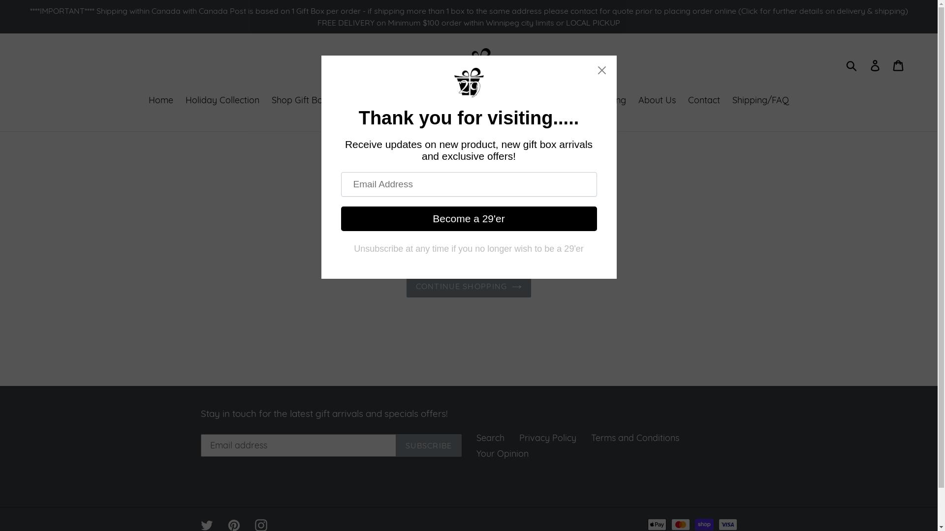 The image size is (945, 531). I want to click on 'Corporate Gifting', so click(549, 100).